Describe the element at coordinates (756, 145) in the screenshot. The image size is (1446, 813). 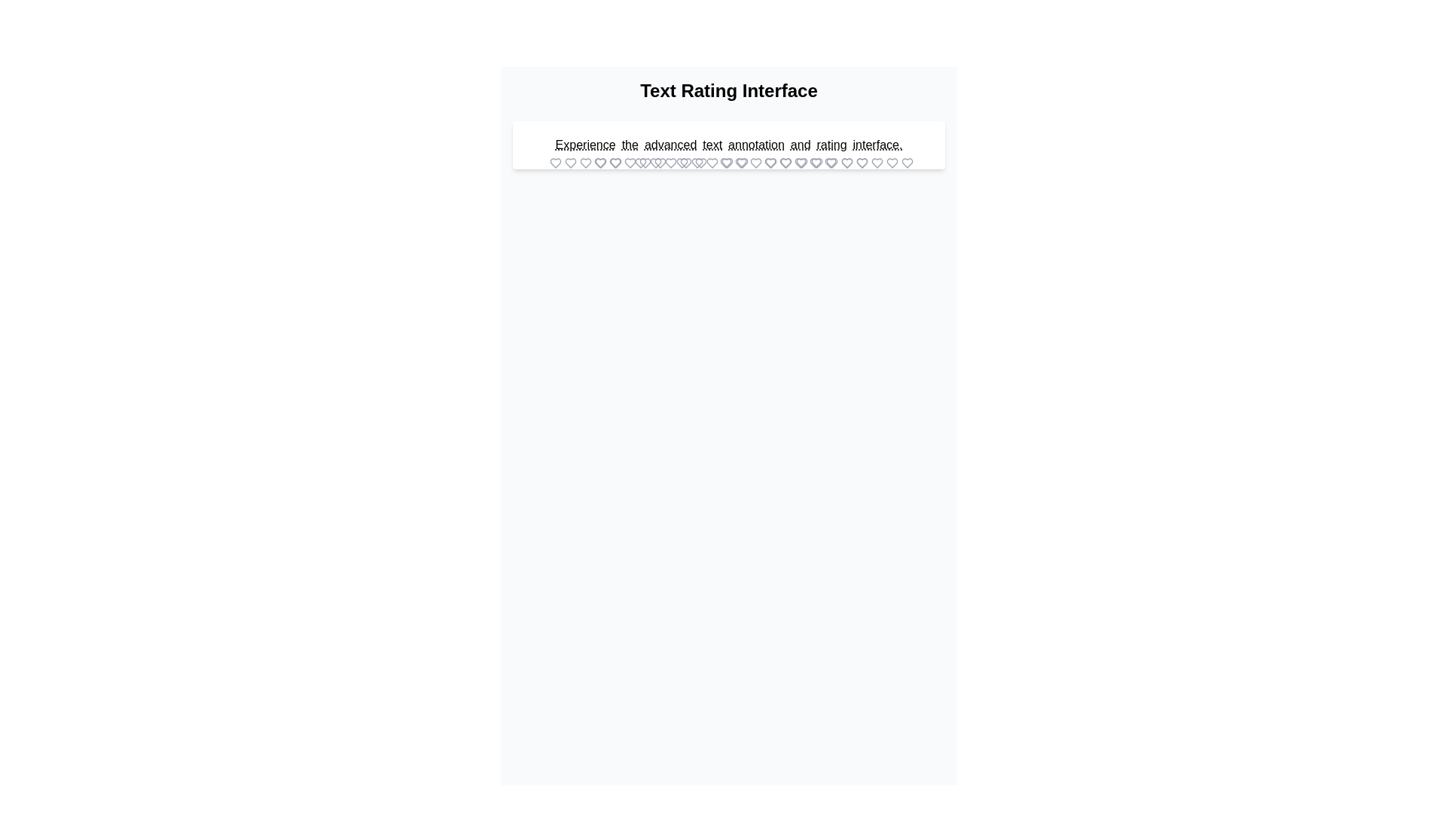
I see `the word annotation to select it for rating` at that location.